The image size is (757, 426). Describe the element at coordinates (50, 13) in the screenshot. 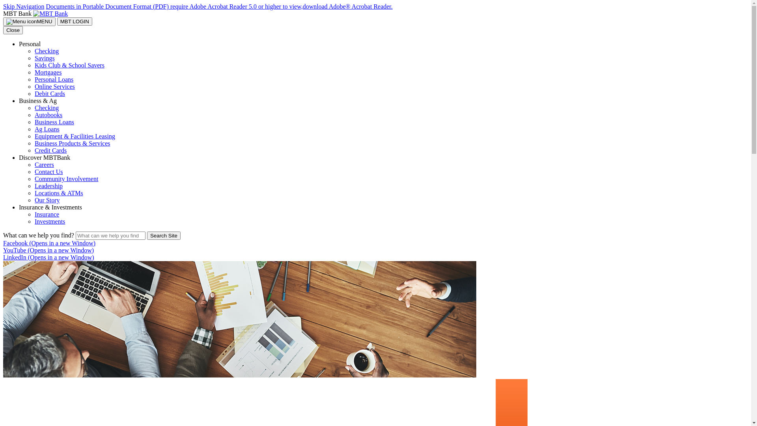

I see `'MBT Bank, Clear Lake, IA'` at that location.